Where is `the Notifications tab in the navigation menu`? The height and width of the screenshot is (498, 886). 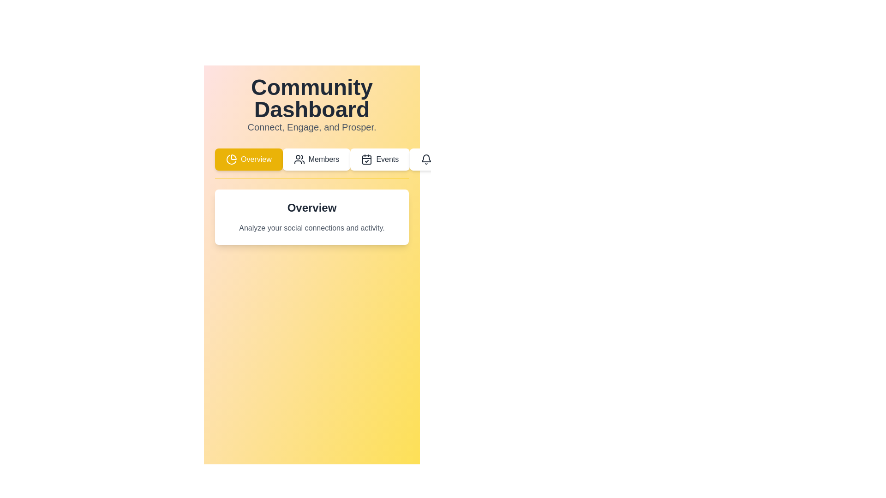 the Notifications tab in the navigation menu is located at coordinates (448, 159).